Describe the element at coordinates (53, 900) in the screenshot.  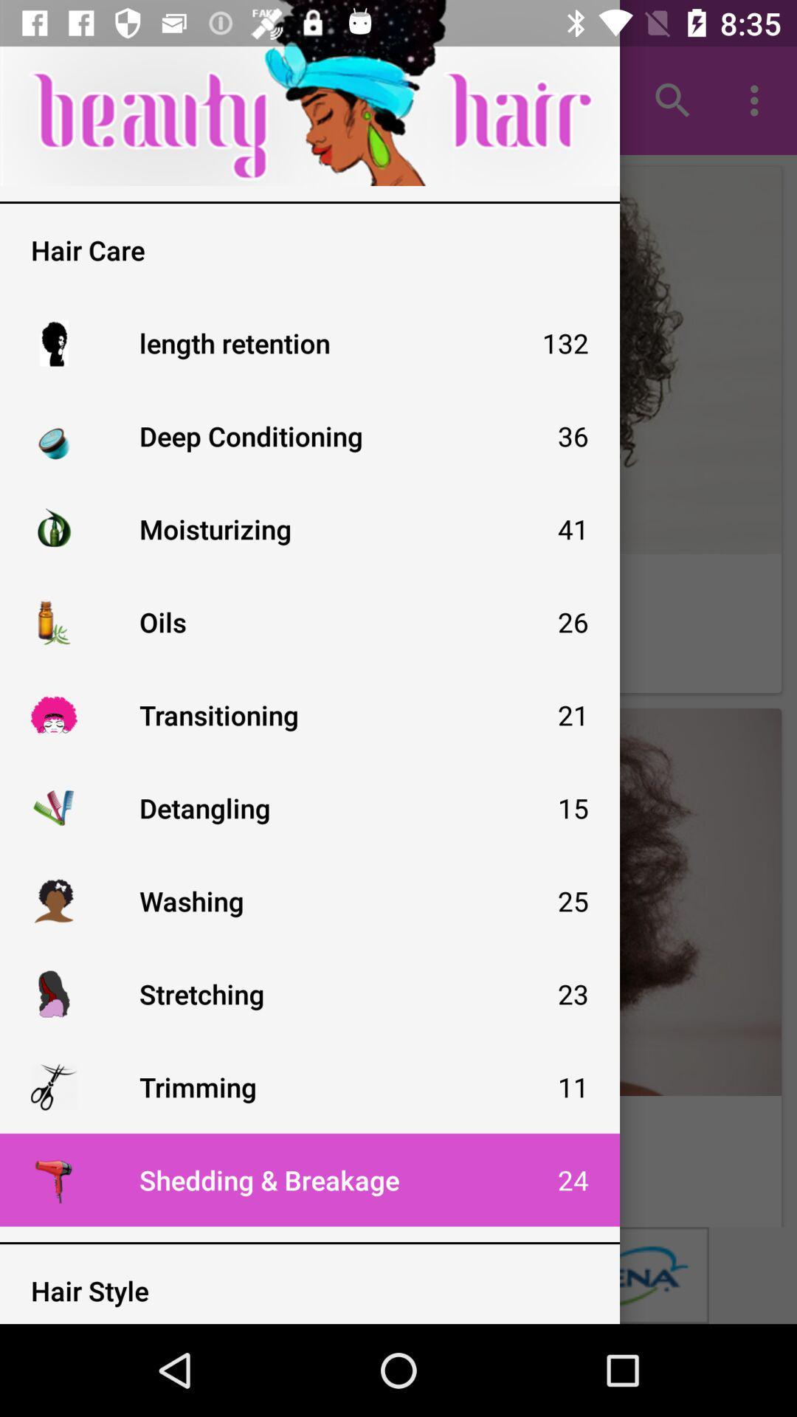
I see `tap the icon just to the left of washing` at that location.